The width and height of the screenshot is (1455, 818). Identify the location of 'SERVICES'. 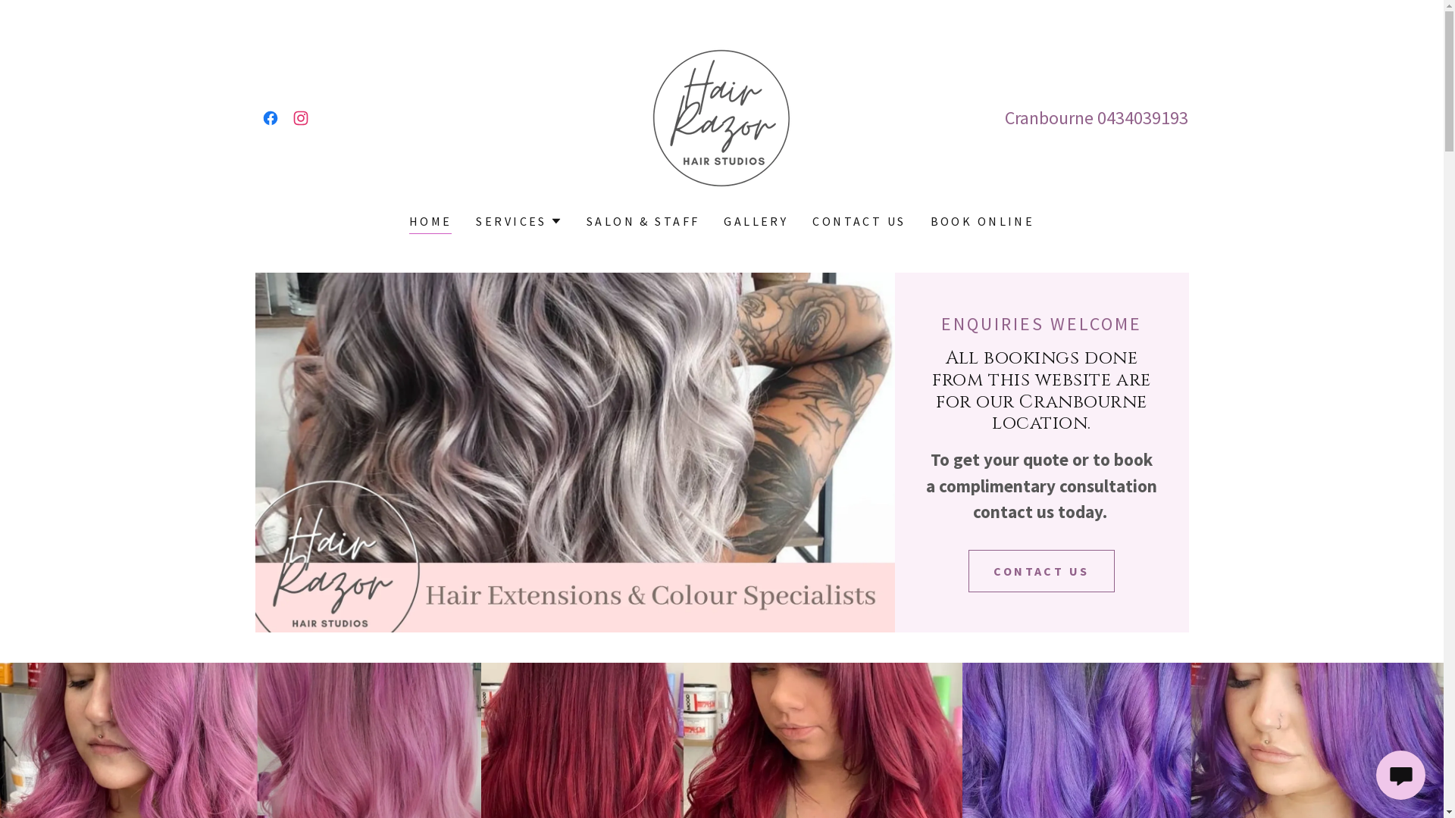
(475, 221).